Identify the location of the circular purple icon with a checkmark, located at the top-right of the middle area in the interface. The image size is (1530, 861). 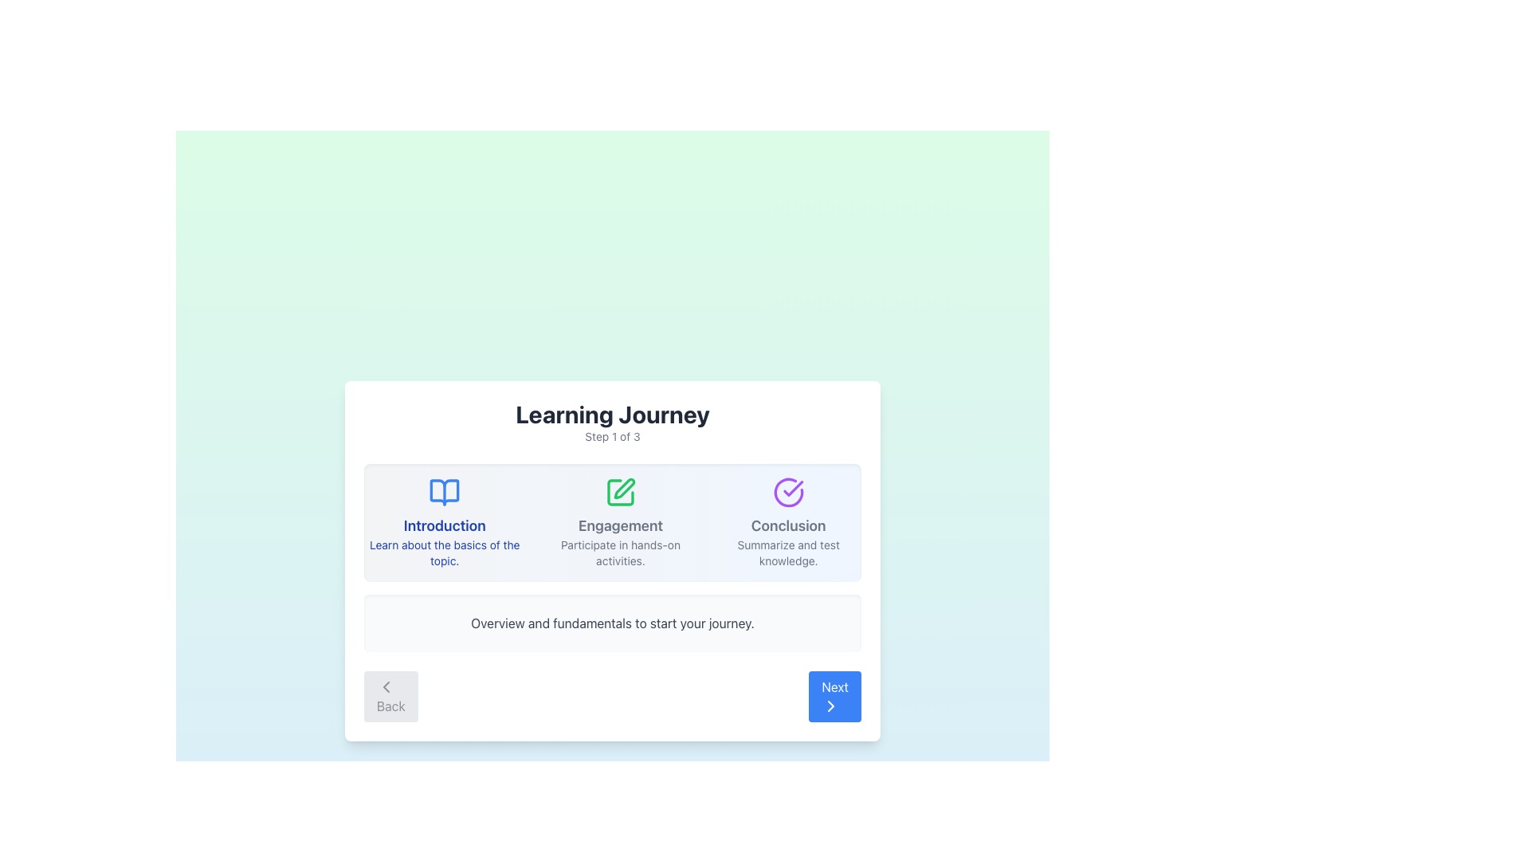
(788, 491).